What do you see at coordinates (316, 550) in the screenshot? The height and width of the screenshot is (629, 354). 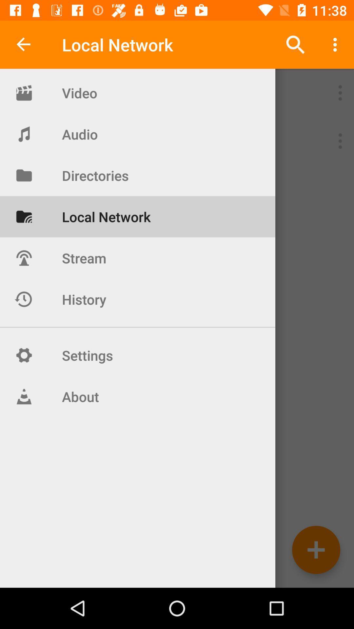 I see `network` at bounding box center [316, 550].